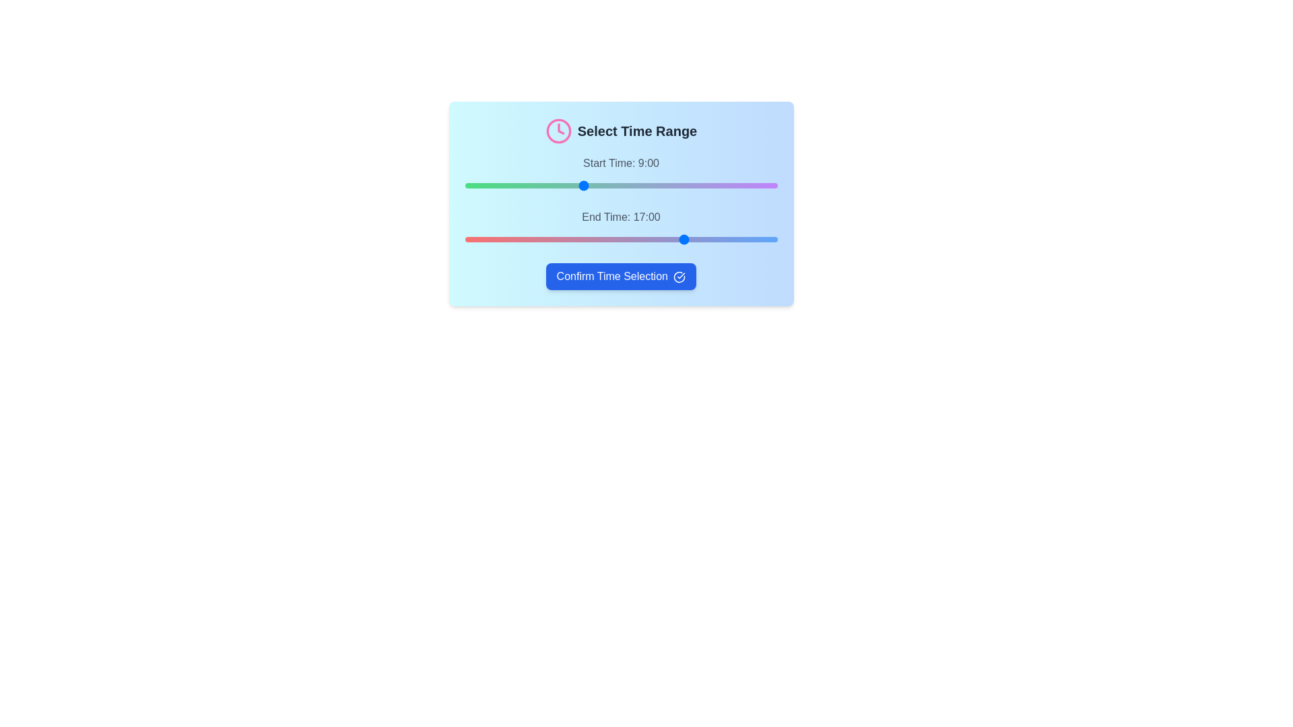 The height and width of the screenshot is (727, 1293). I want to click on the end time slider to 5 hours, so click(529, 238).